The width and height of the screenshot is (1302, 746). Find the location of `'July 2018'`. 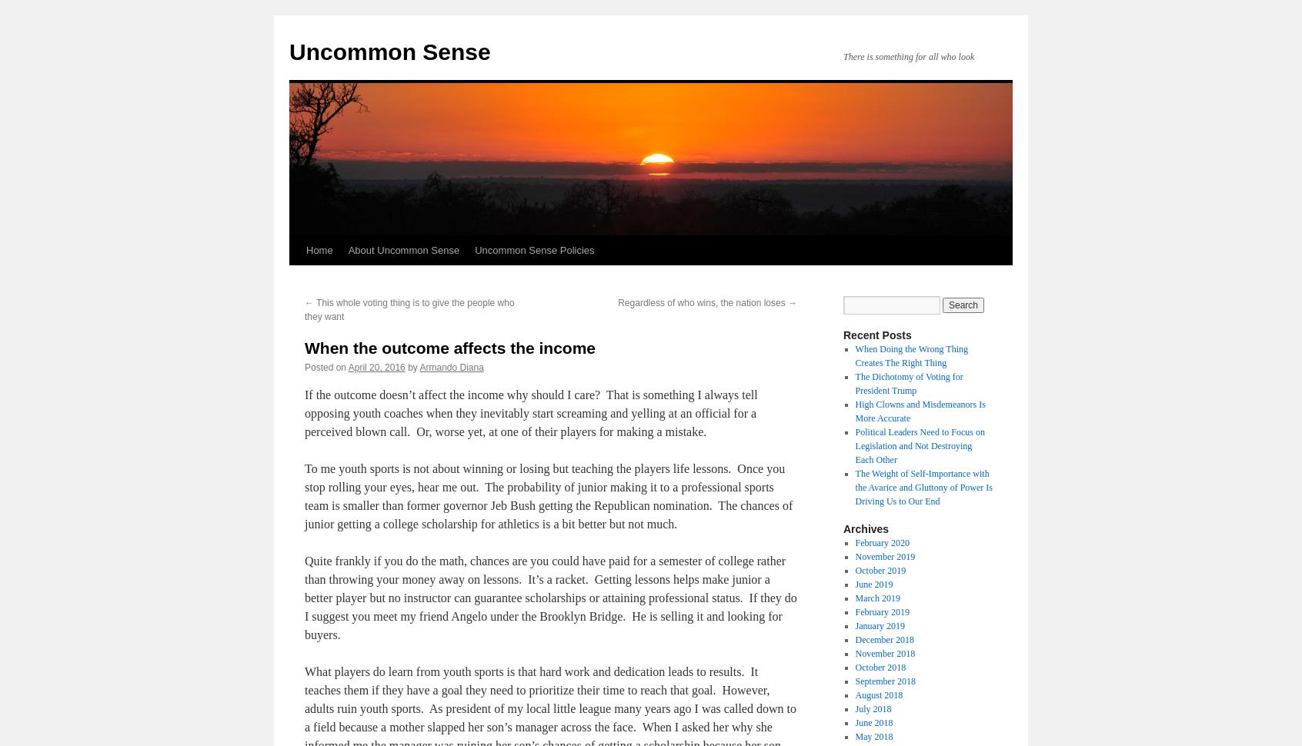

'July 2018' is located at coordinates (872, 708).